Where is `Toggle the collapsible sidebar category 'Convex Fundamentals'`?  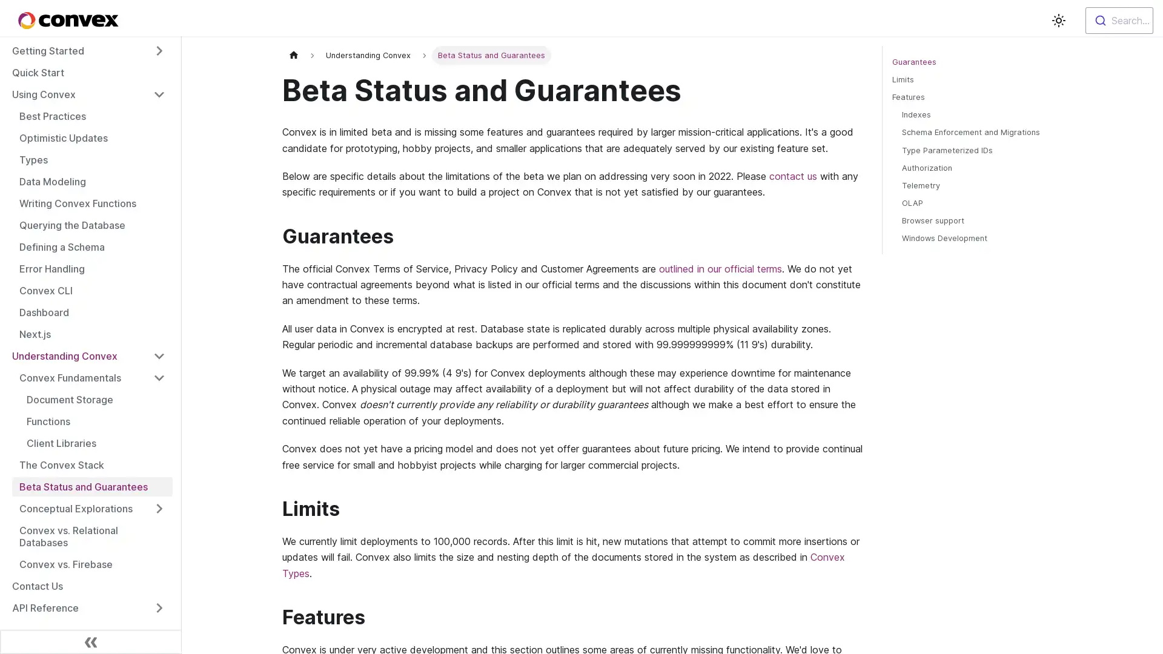 Toggle the collapsible sidebar category 'Convex Fundamentals' is located at coordinates (159, 377).